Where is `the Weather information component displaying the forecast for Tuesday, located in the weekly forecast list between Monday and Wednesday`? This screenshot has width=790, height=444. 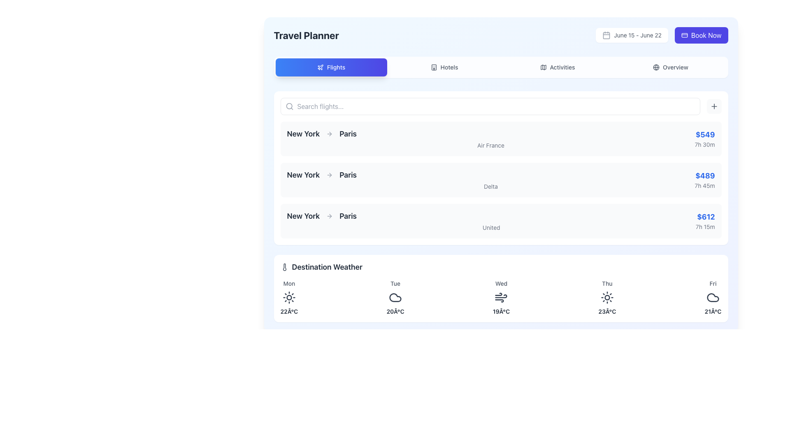
the Weather information component displaying the forecast for Tuesday, located in the weekly forecast list between Monday and Wednesday is located at coordinates (395, 298).